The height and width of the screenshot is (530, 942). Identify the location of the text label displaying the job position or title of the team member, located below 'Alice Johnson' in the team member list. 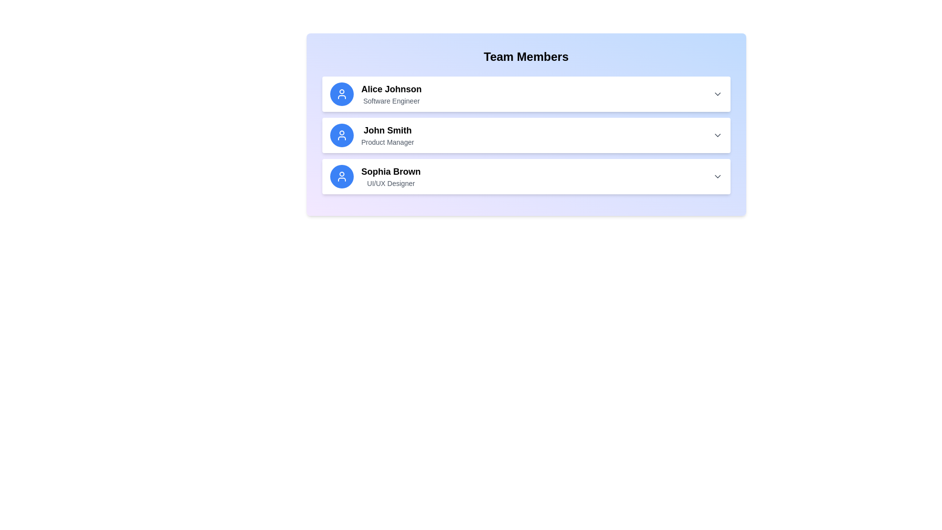
(391, 101).